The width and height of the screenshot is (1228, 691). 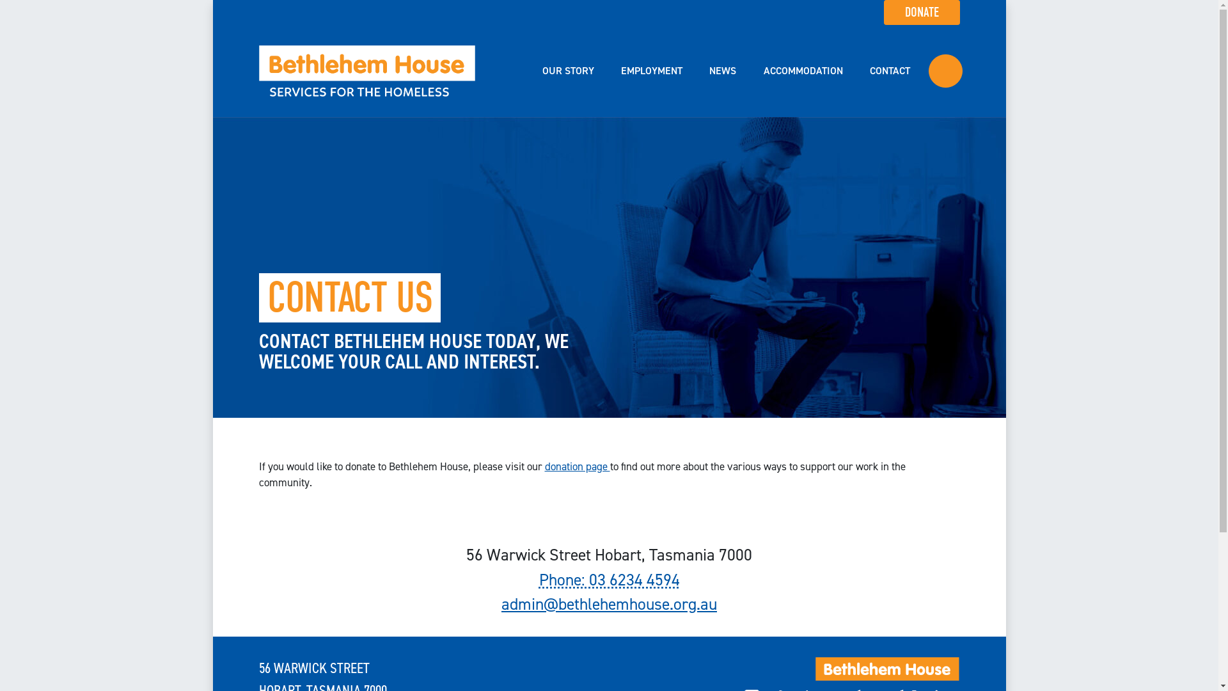 I want to click on 'donation page', so click(x=544, y=466).